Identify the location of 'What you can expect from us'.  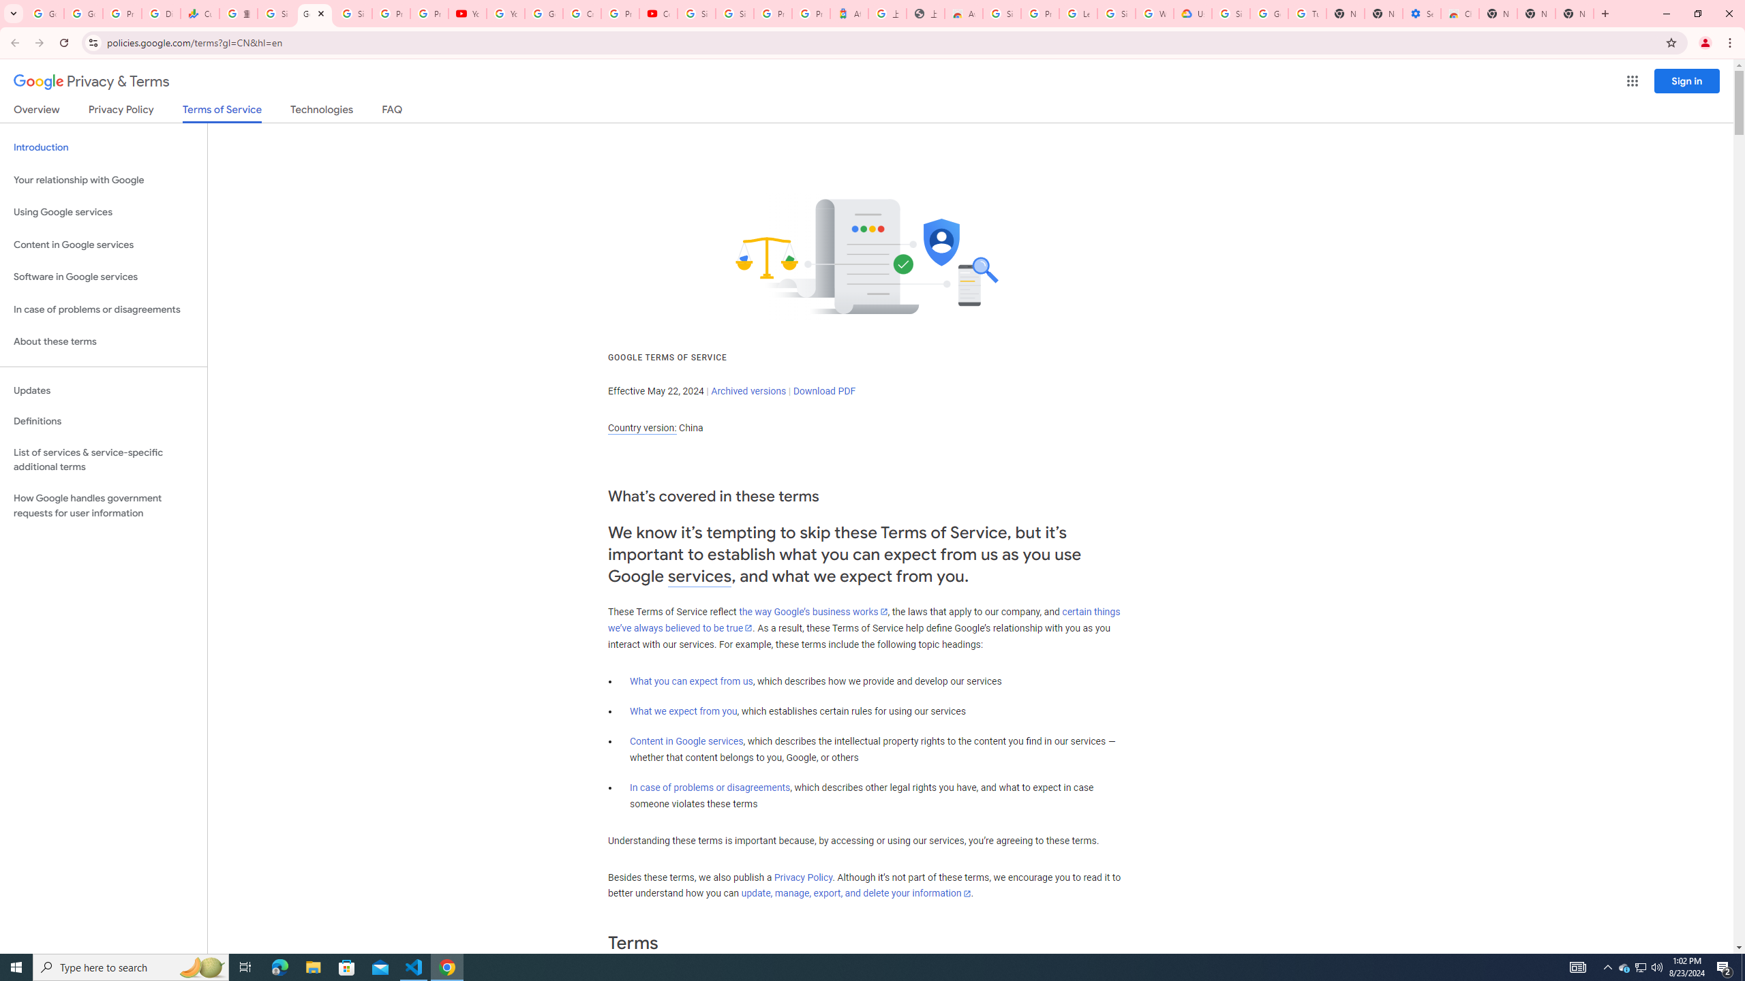
(692, 681).